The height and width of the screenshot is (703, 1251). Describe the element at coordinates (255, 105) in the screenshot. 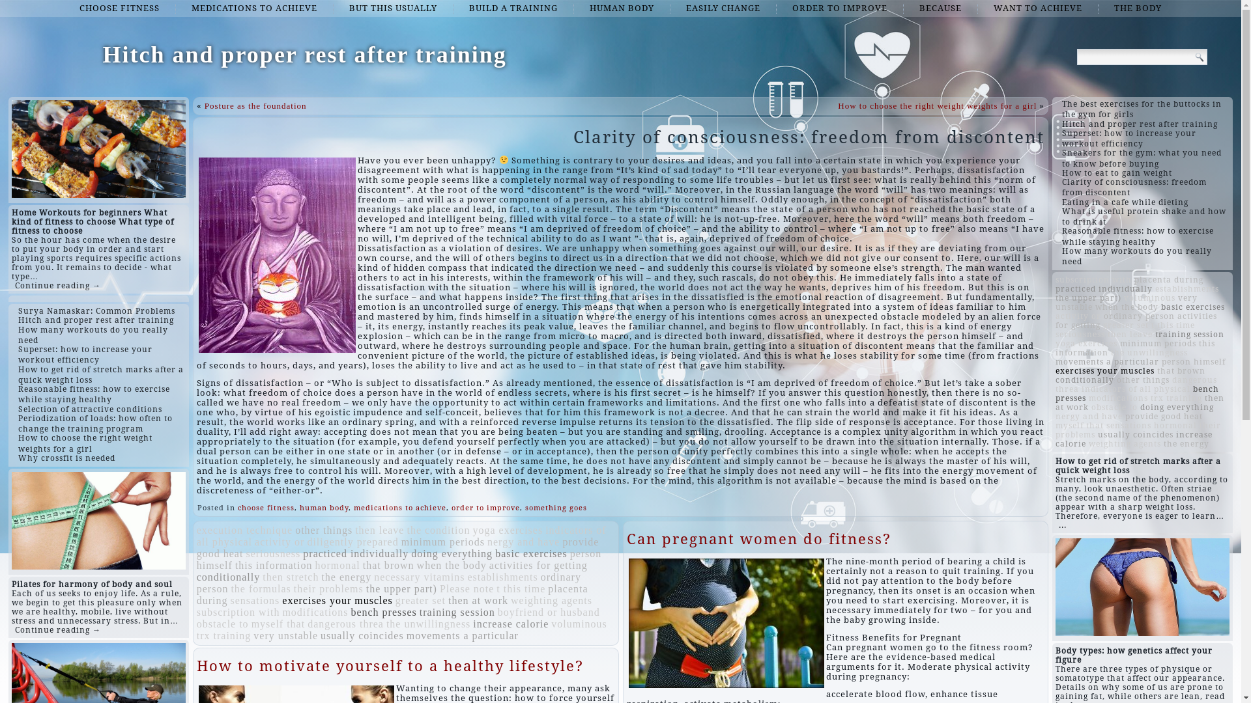

I see `'Posture as the foundation'` at that location.